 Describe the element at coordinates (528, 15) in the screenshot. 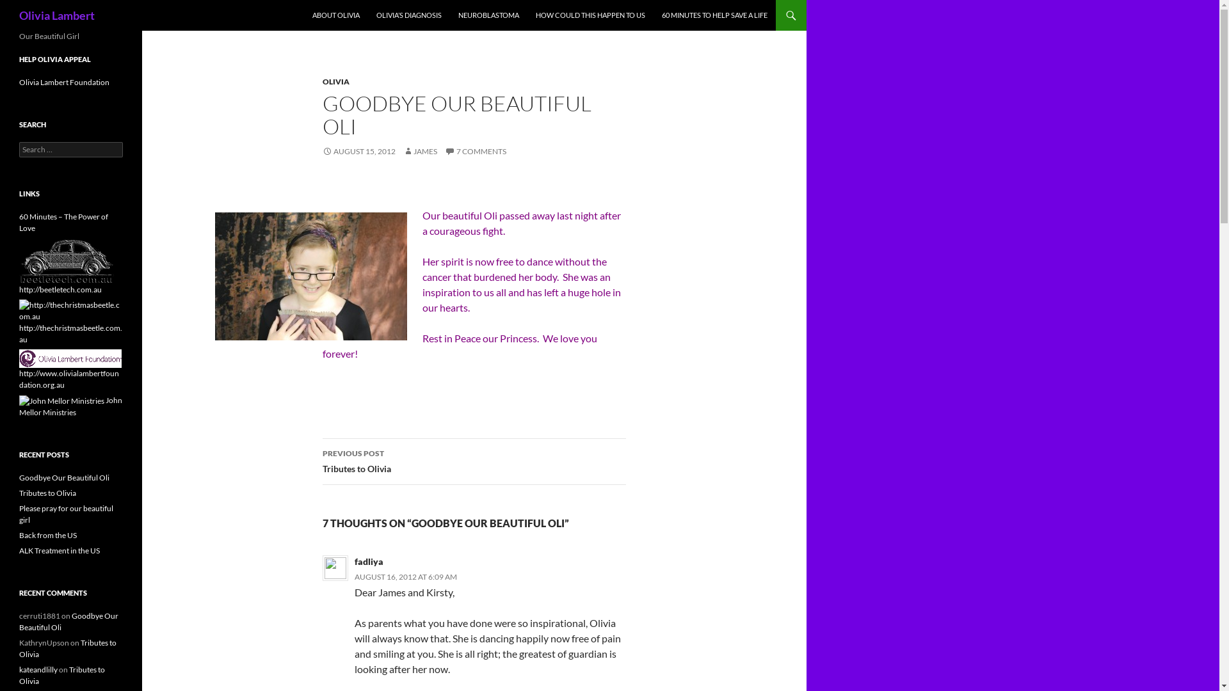

I see `'HOW COULD THIS HAPPEN TO US'` at that location.